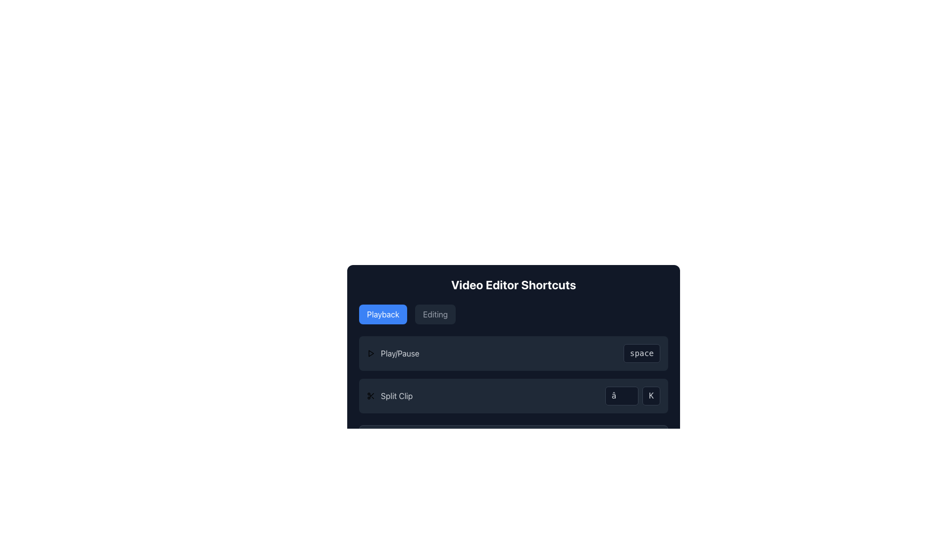  I want to click on the Icon (Scissors) located to the left of the 'Split Clip' text in the 'Video Editor Shortcuts' panel, so click(370, 396).